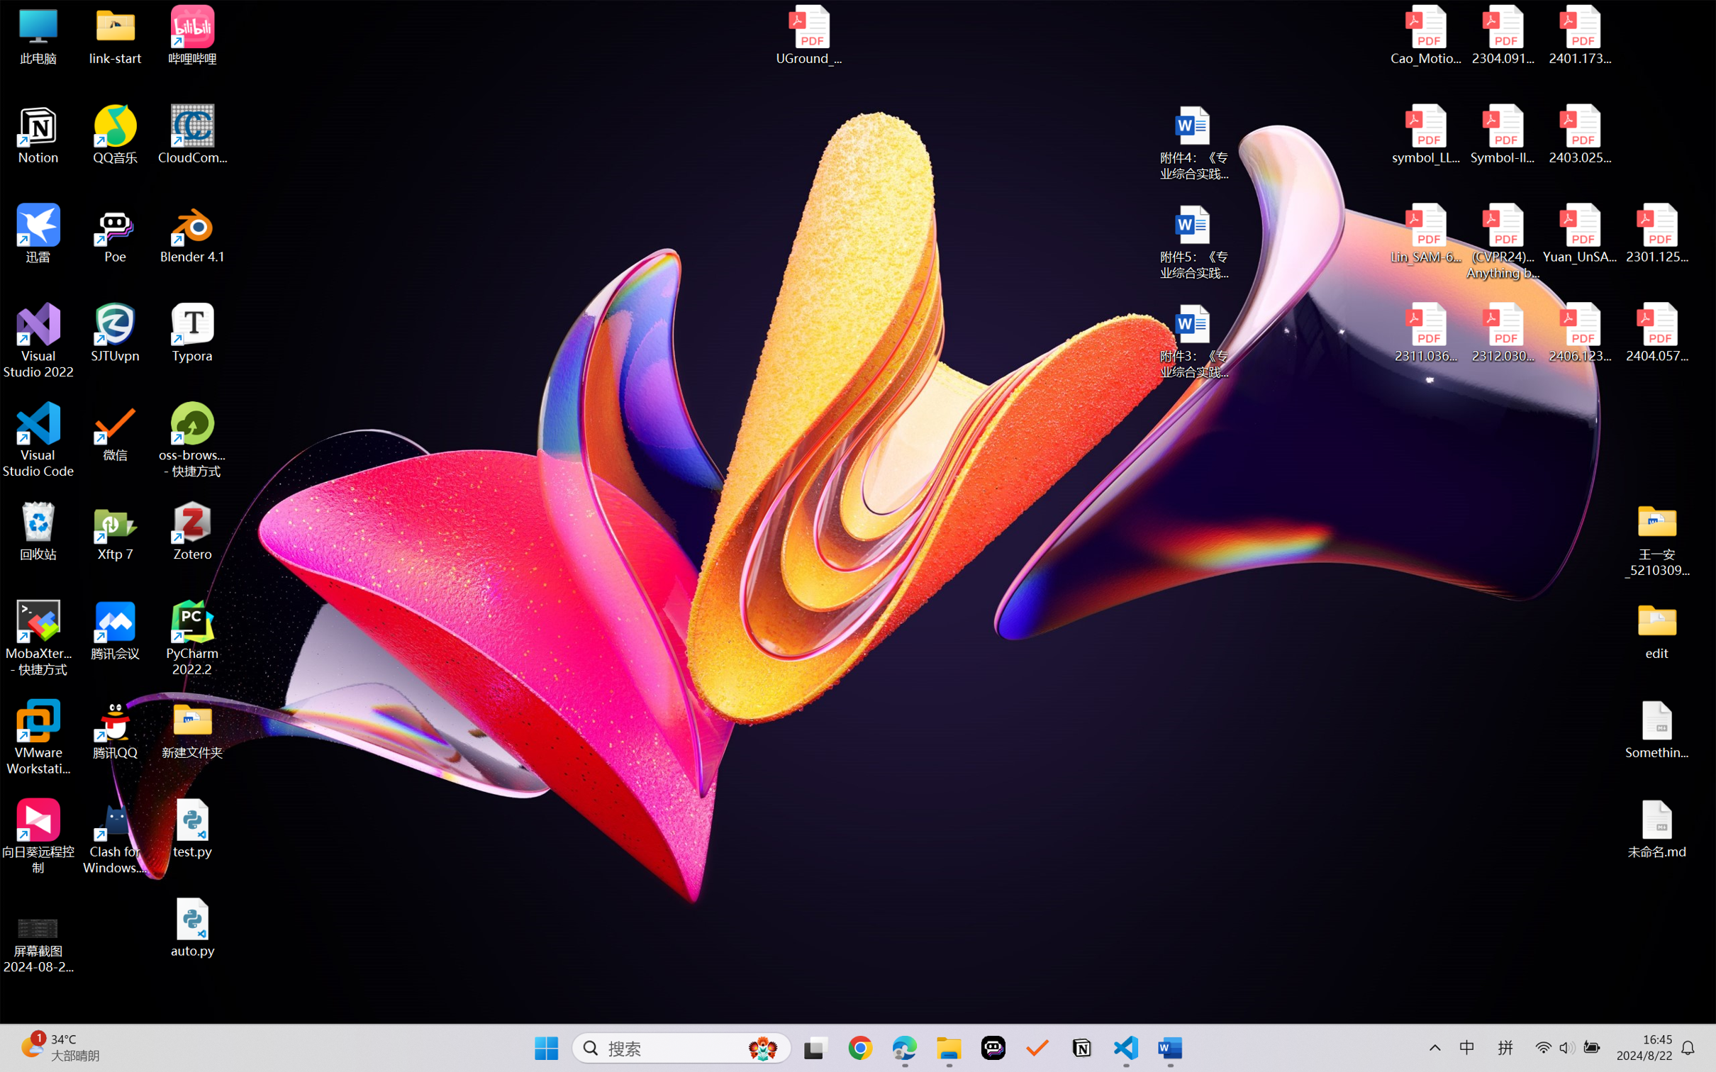 The image size is (1716, 1072). Describe the element at coordinates (116, 333) in the screenshot. I see `'SJTUvpn'` at that location.